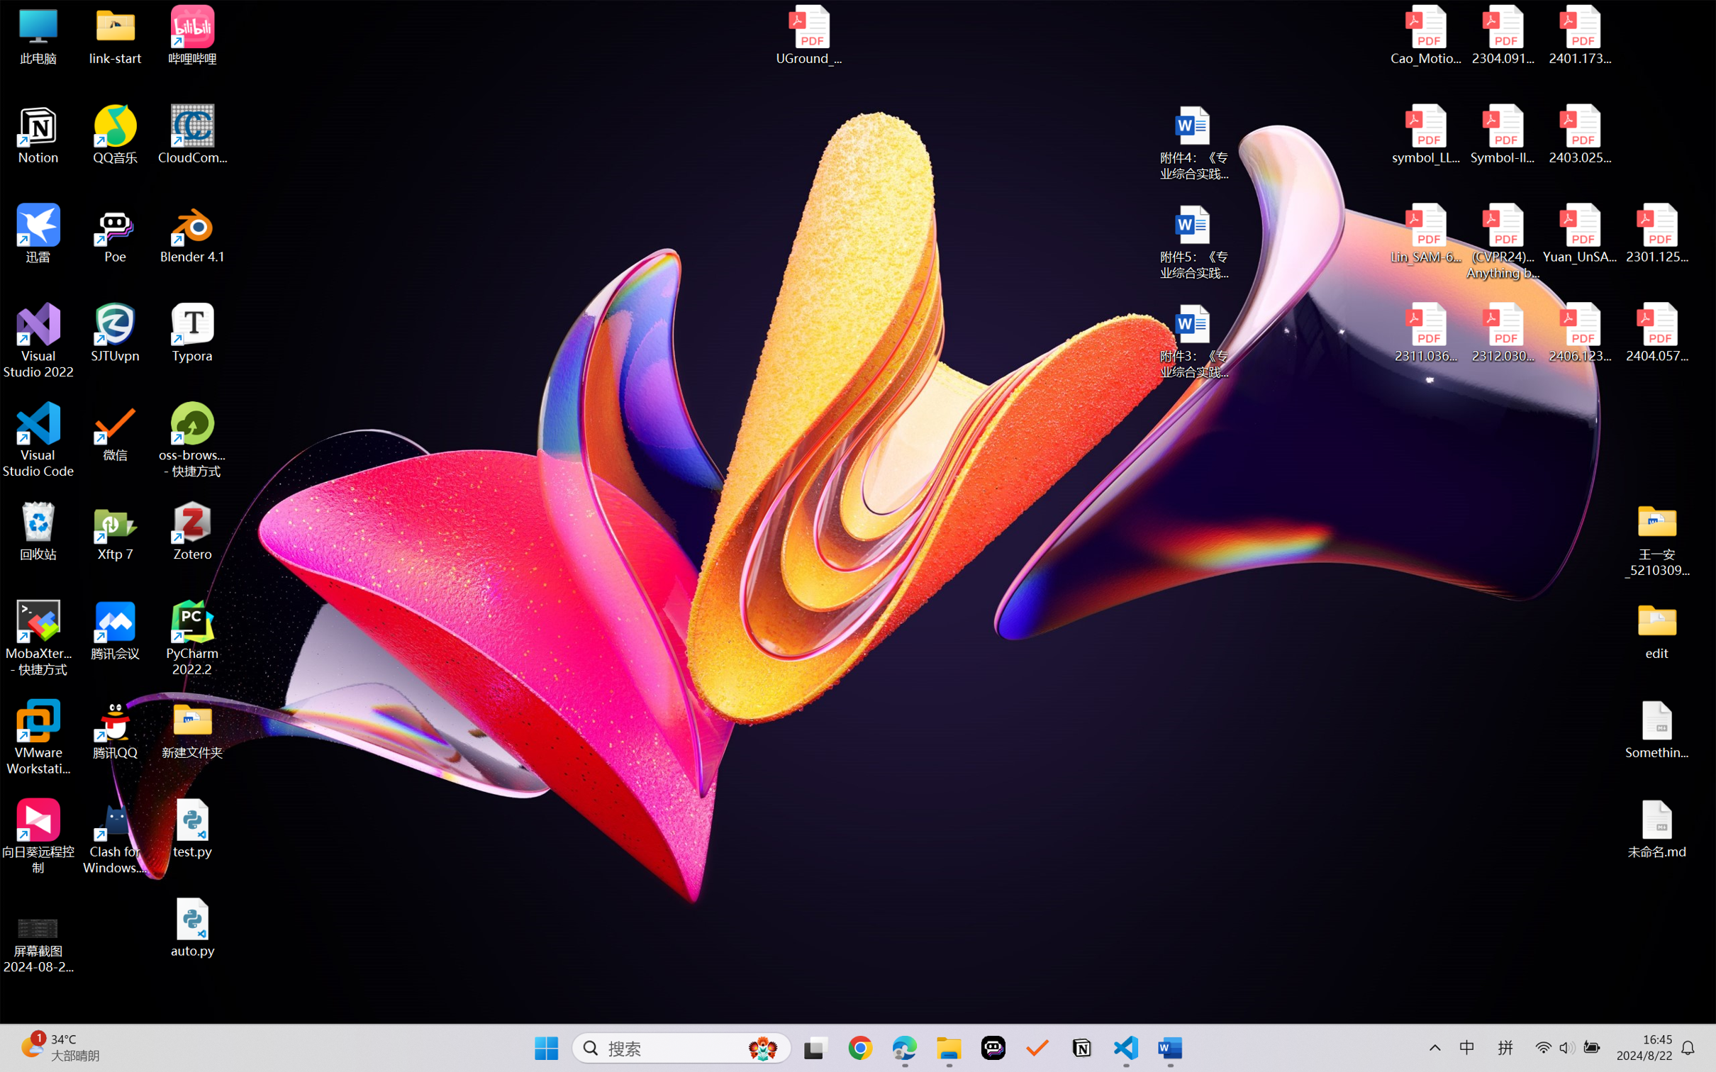 The image size is (1716, 1072). Describe the element at coordinates (116, 333) in the screenshot. I see `'SJTUvpn'` at that location.